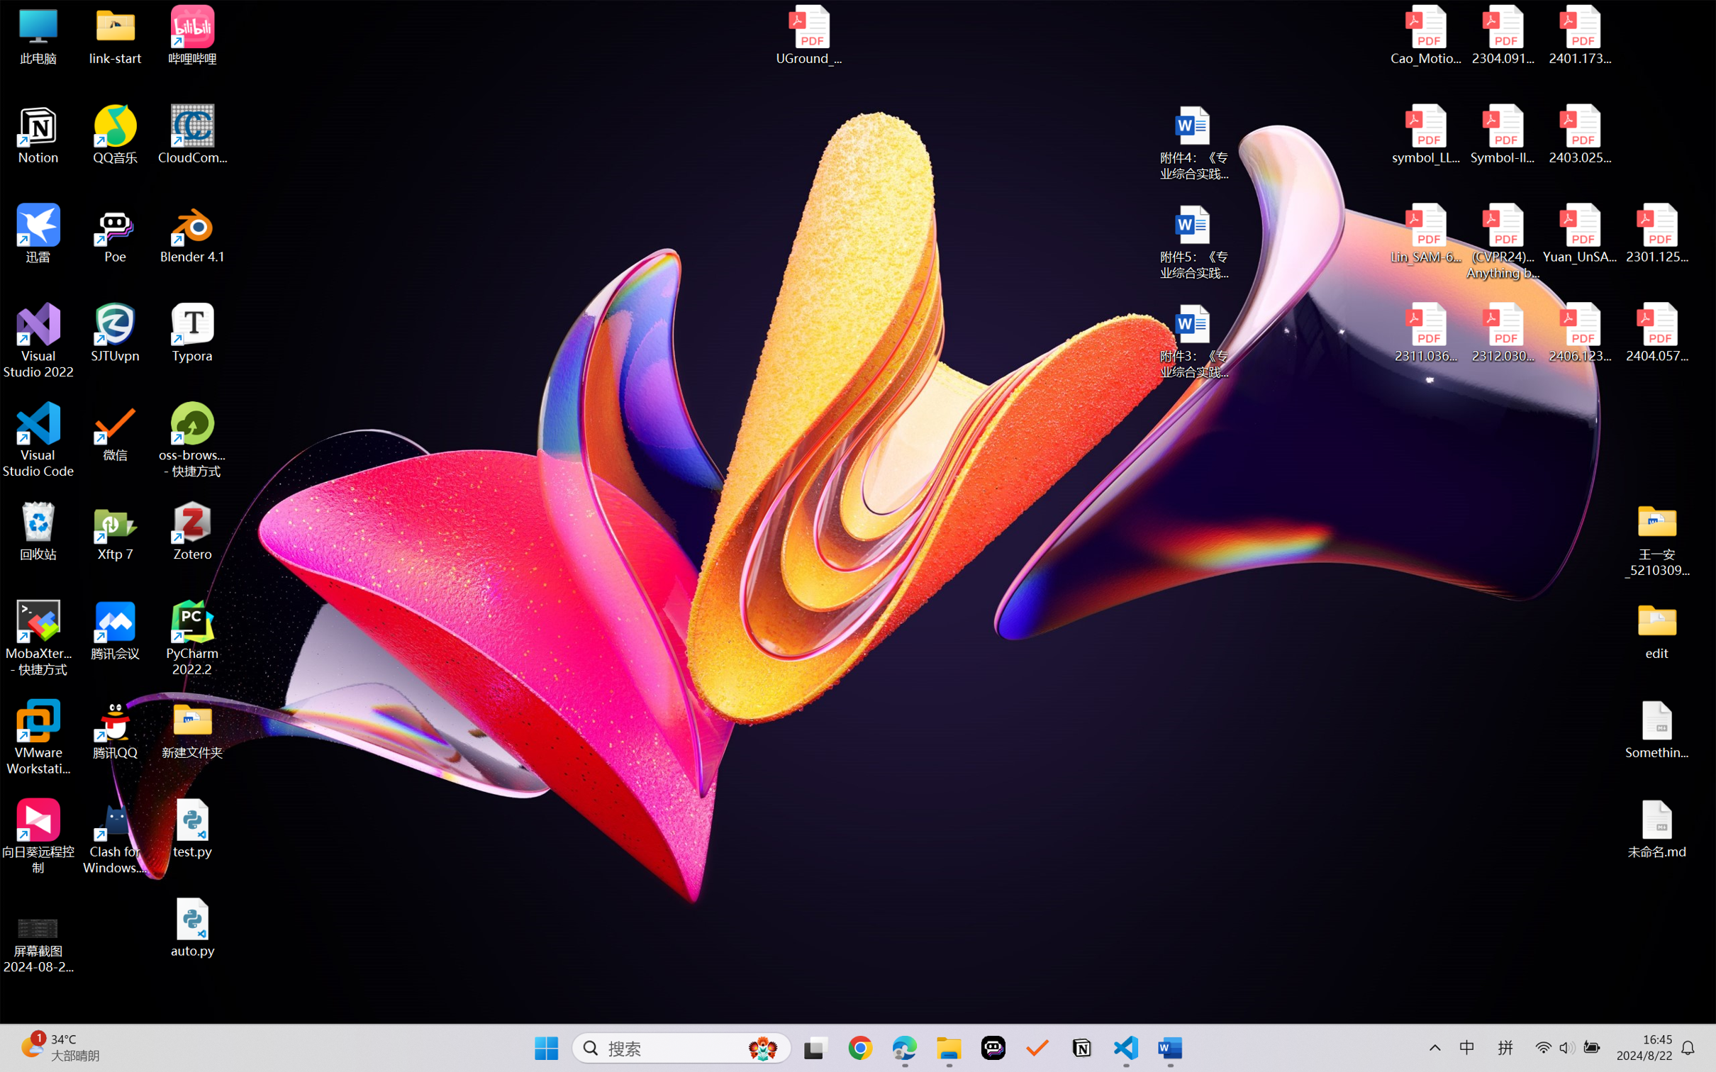 The image size is (1716, 1072). Describe the element at coordinates (116, 333) in the screenshot. I see `'SJTUvpn'` at that location.